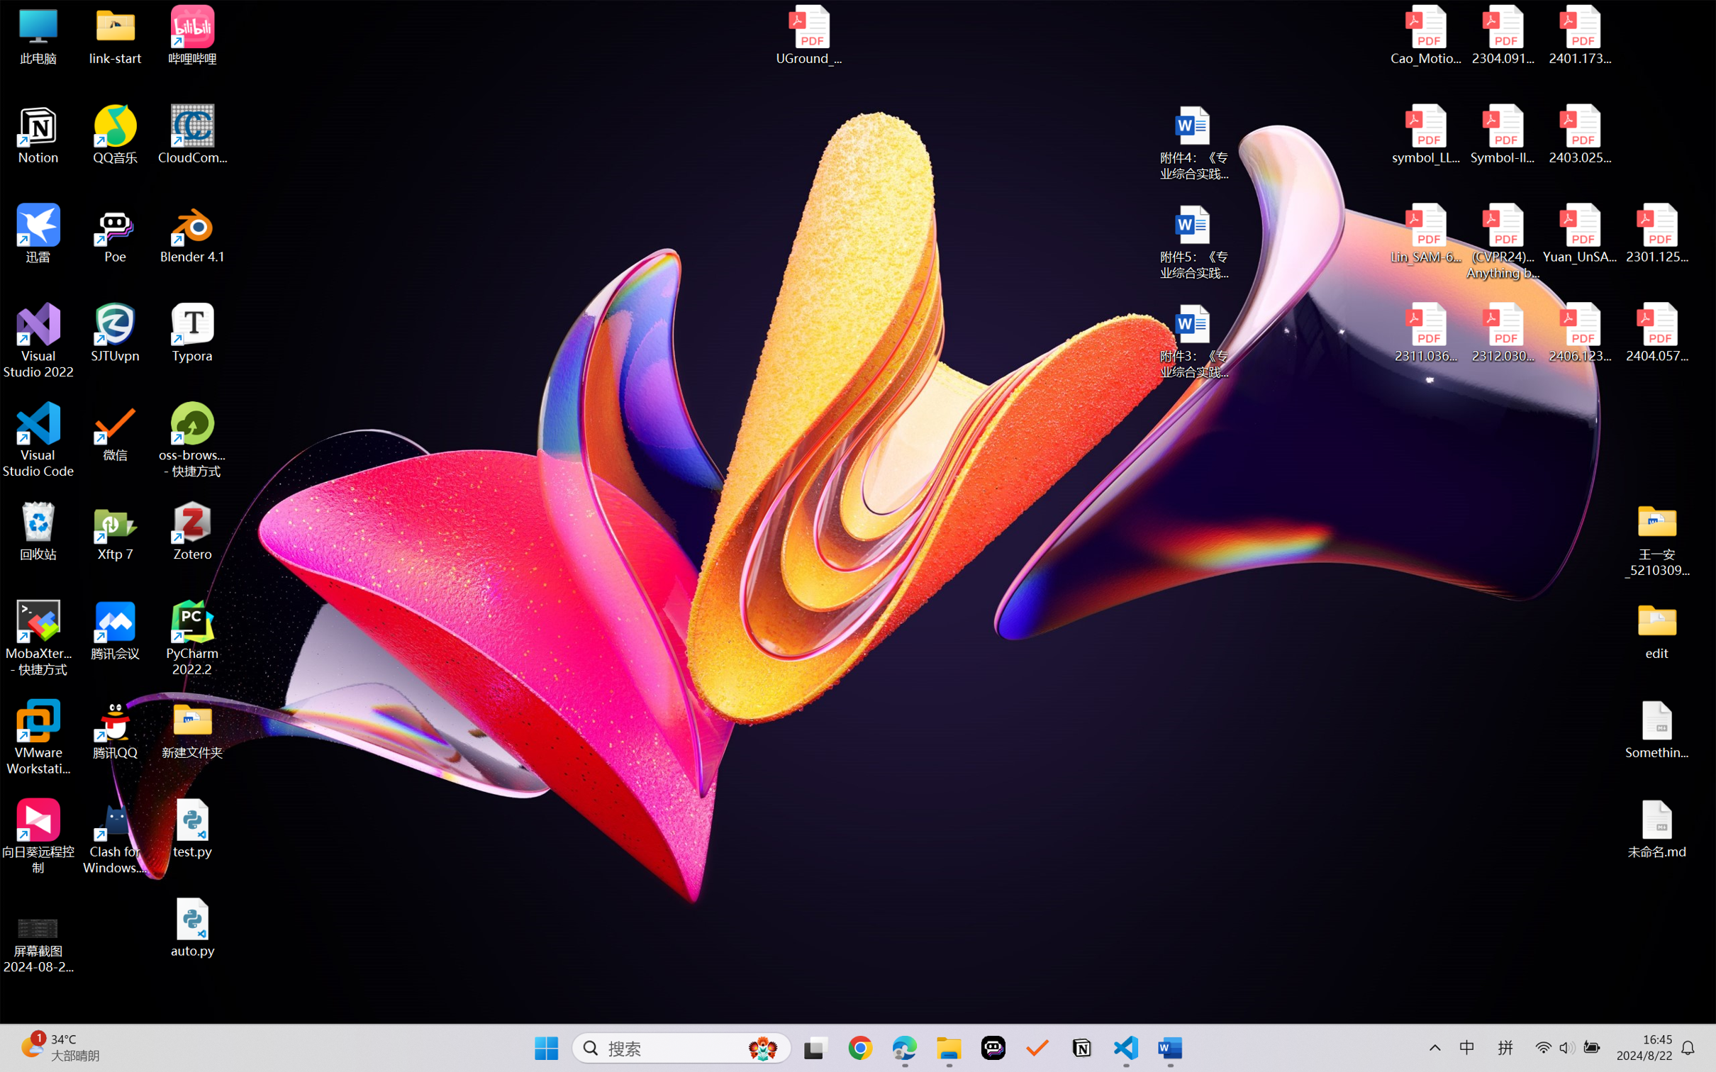 The image size is (1716, 1072). Describe the element at coordinates (116, 333) in the screenshot. I see `'SJTUvpn'` at that location.